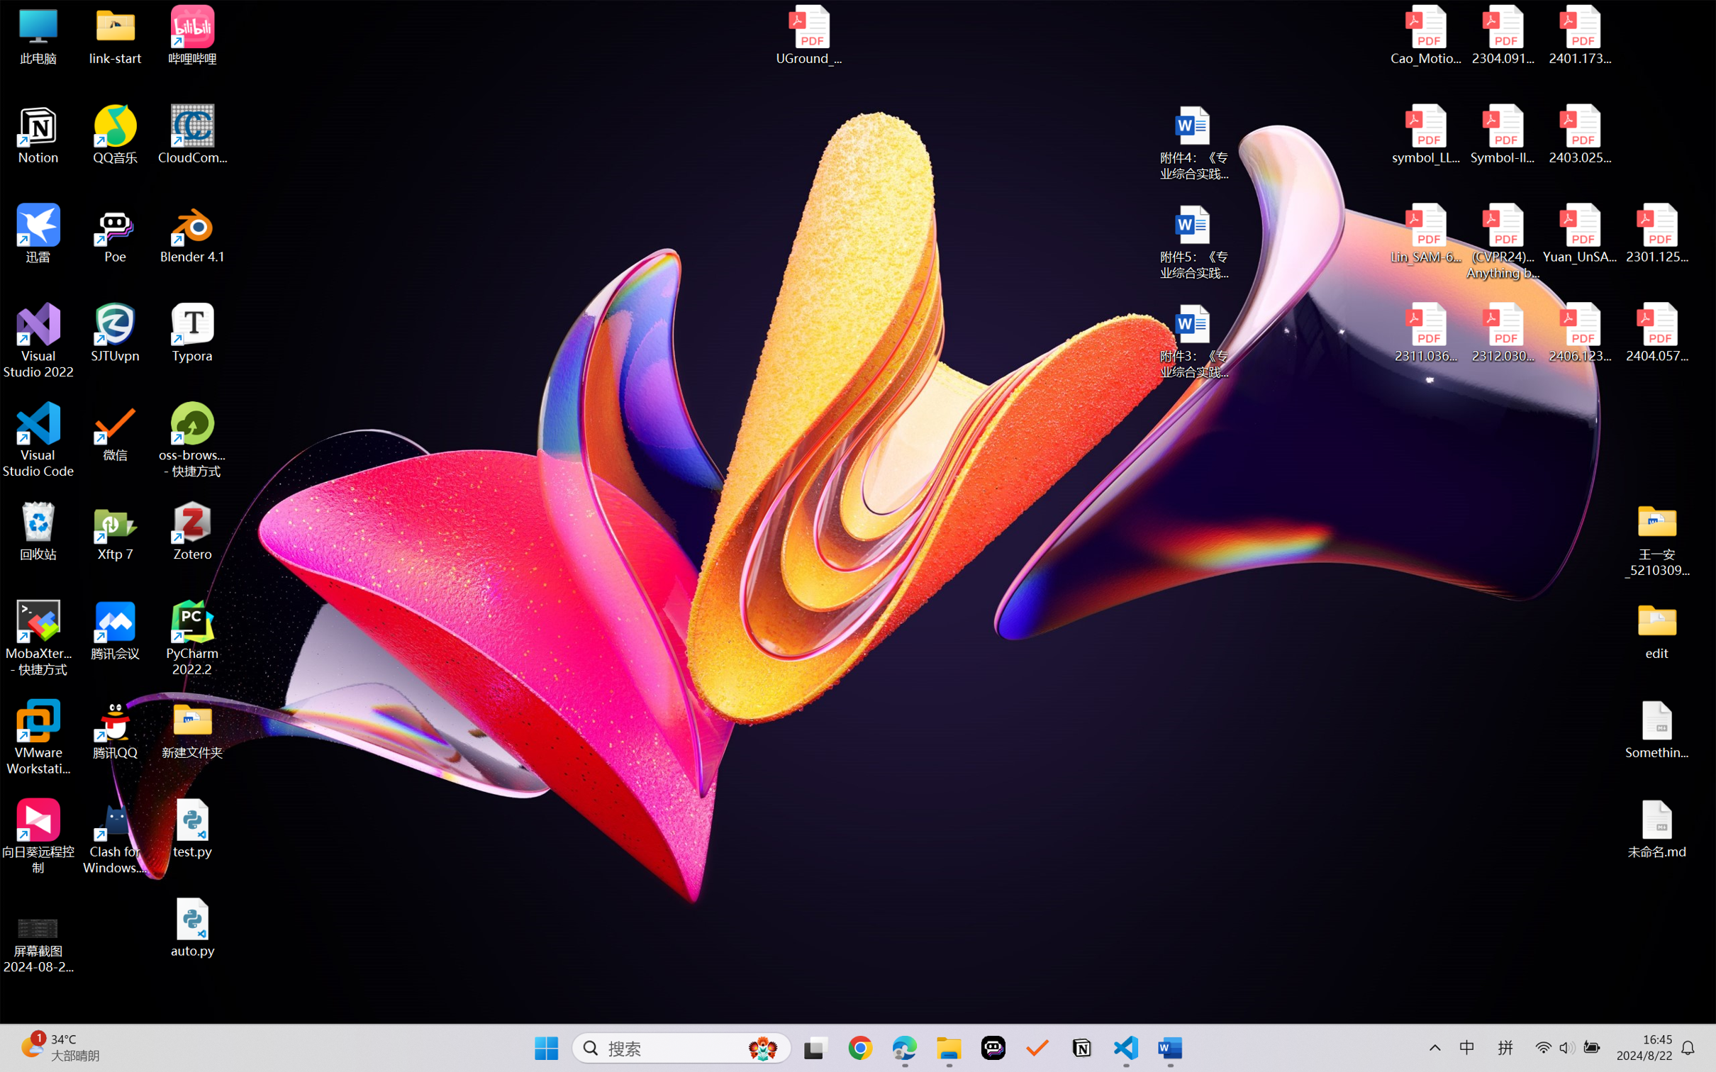 The image size is (1716, 1072). Describe the element at coordinates (116, 333) in the screenshot. I see `'SJTUvpn'` at that location.